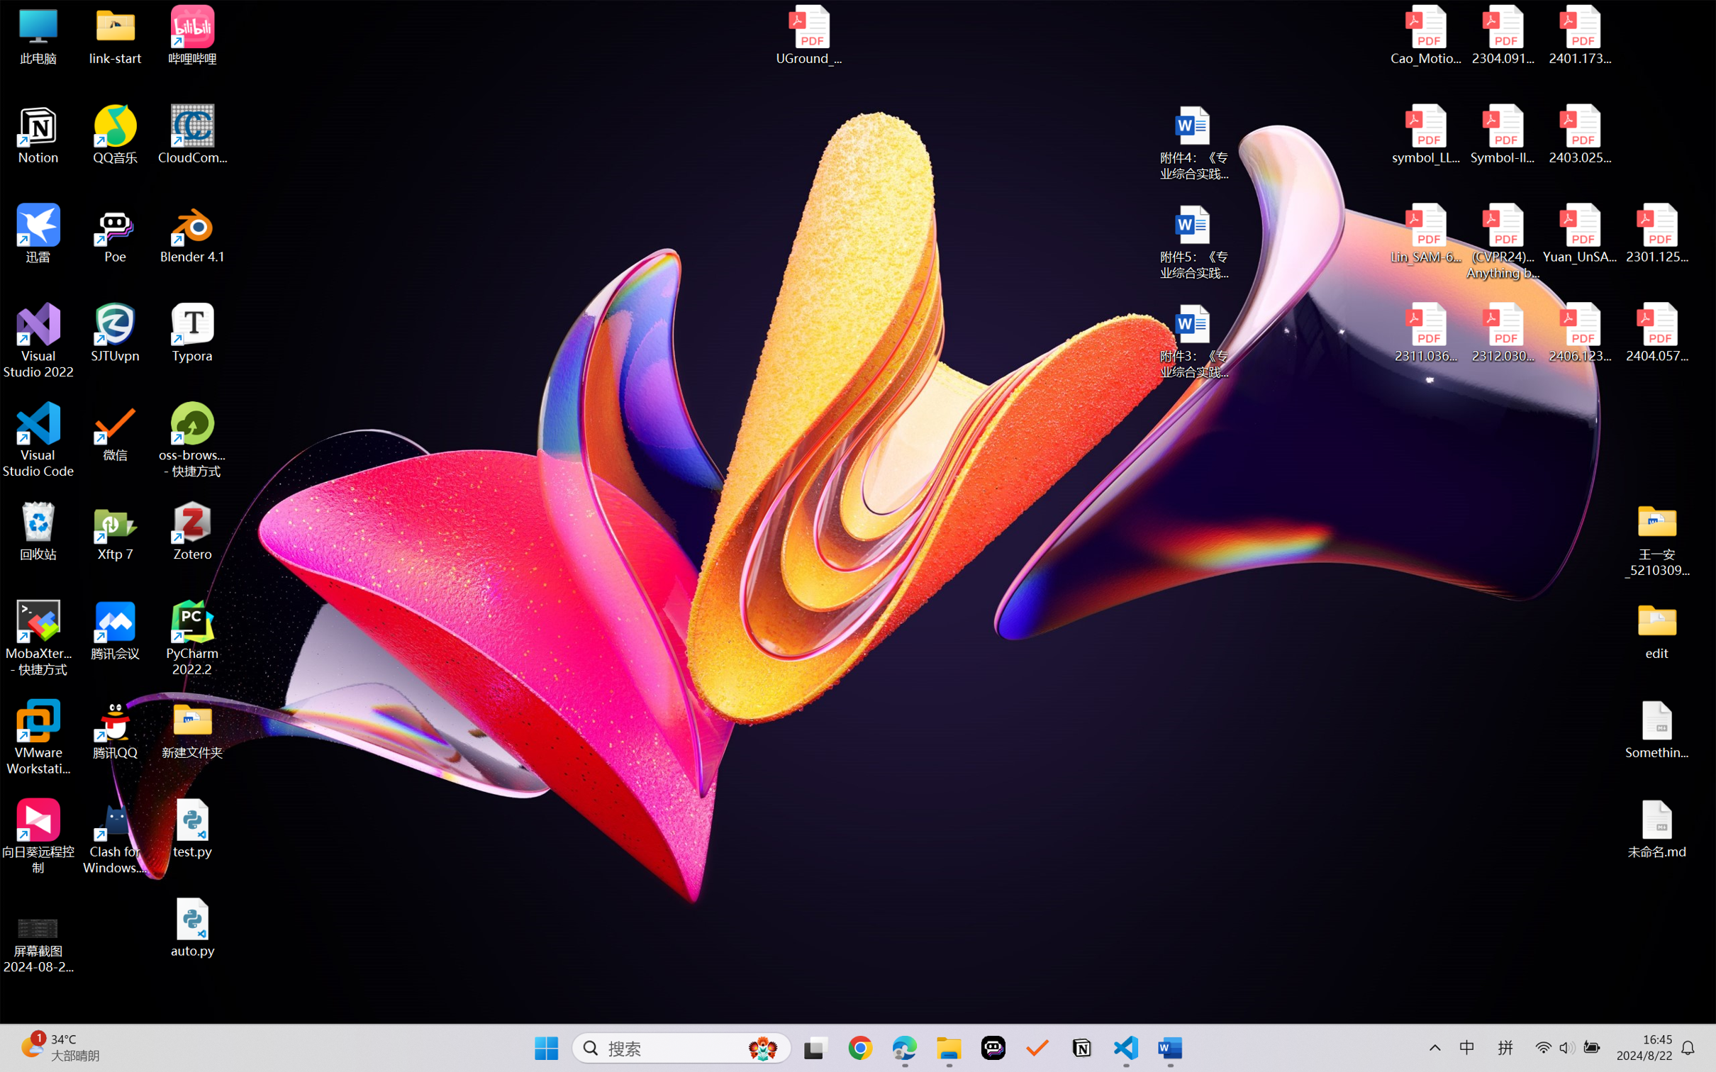 The image size is (1716, 1072). Describe the element at coordinates (116, 333) in the screenshot. I see `'SJTUvpn'` at that location.